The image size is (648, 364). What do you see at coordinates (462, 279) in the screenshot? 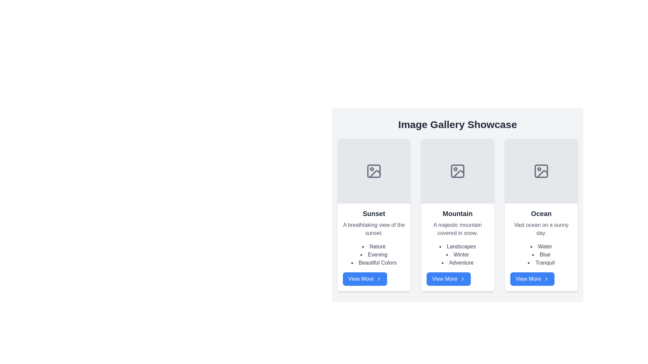
I see `the 'View More' button which is visually indicated by the directional icon, located within the card titled 'Mountain' in the central column of a three-column grid layout` at bounding box center [462, 279].